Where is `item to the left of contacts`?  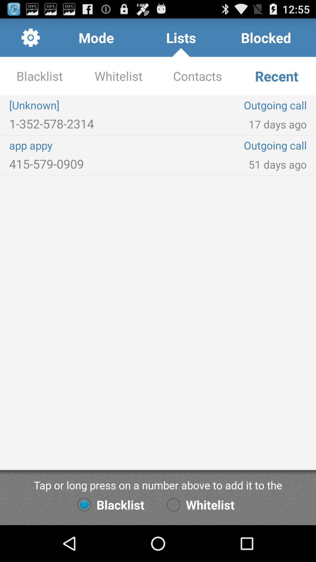
item to the left of contacts is located at coordinates (83, 105).